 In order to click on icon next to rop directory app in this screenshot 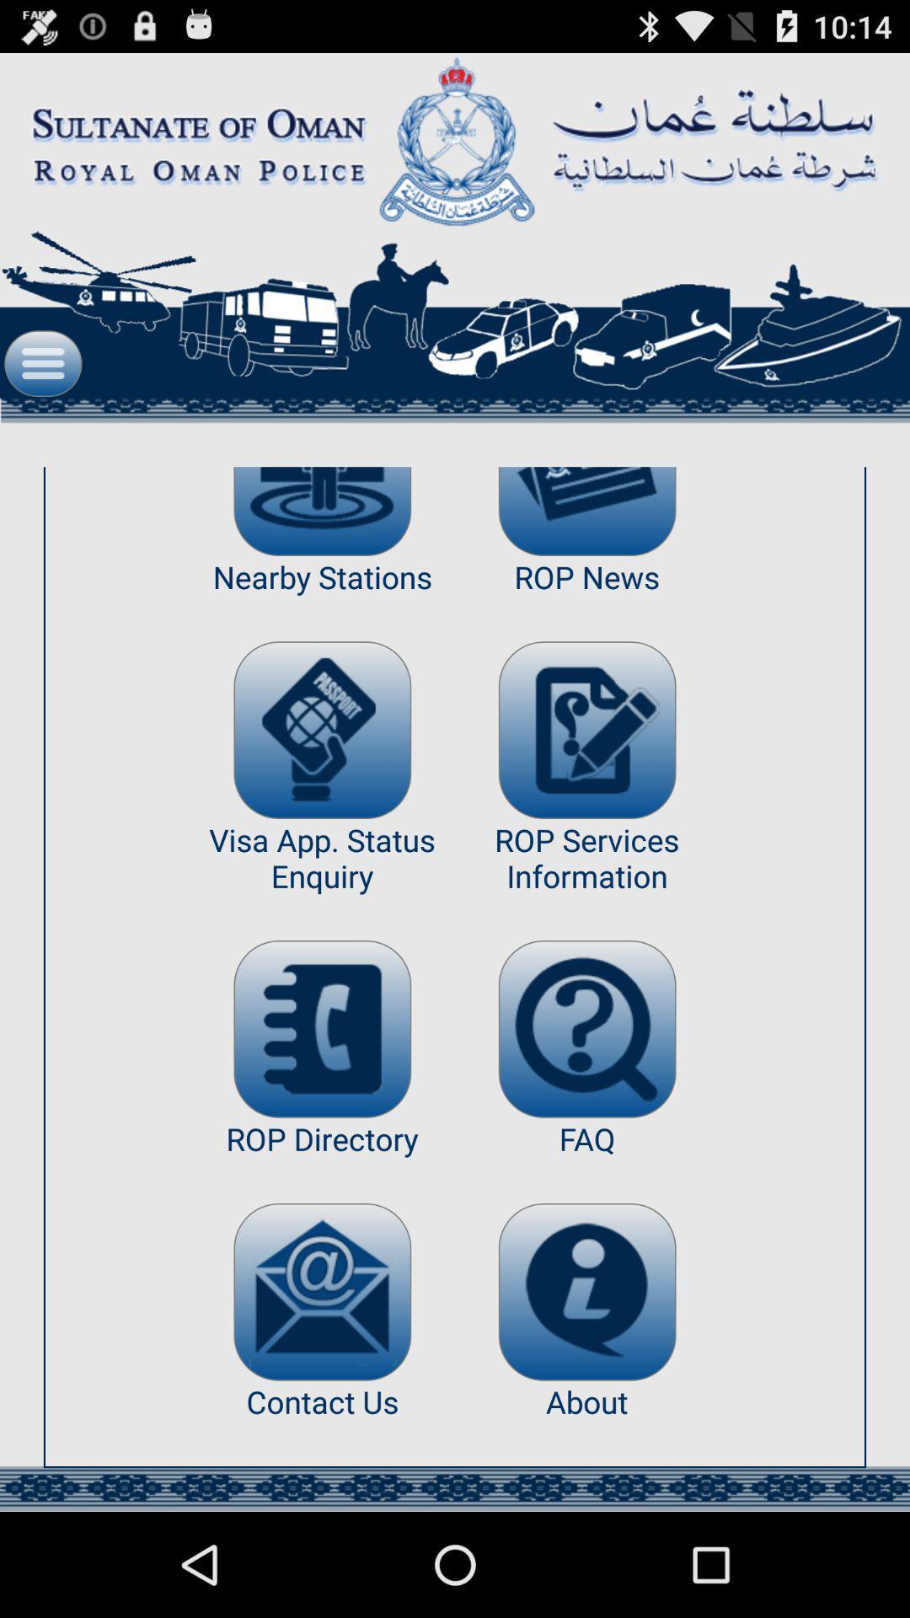, I will do `click(586, 1291)`.